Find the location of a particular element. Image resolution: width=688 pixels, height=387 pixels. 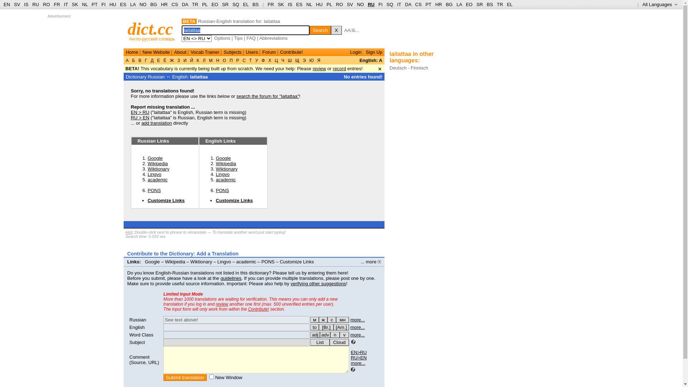

'IT' is located at coordinates (397, 4).